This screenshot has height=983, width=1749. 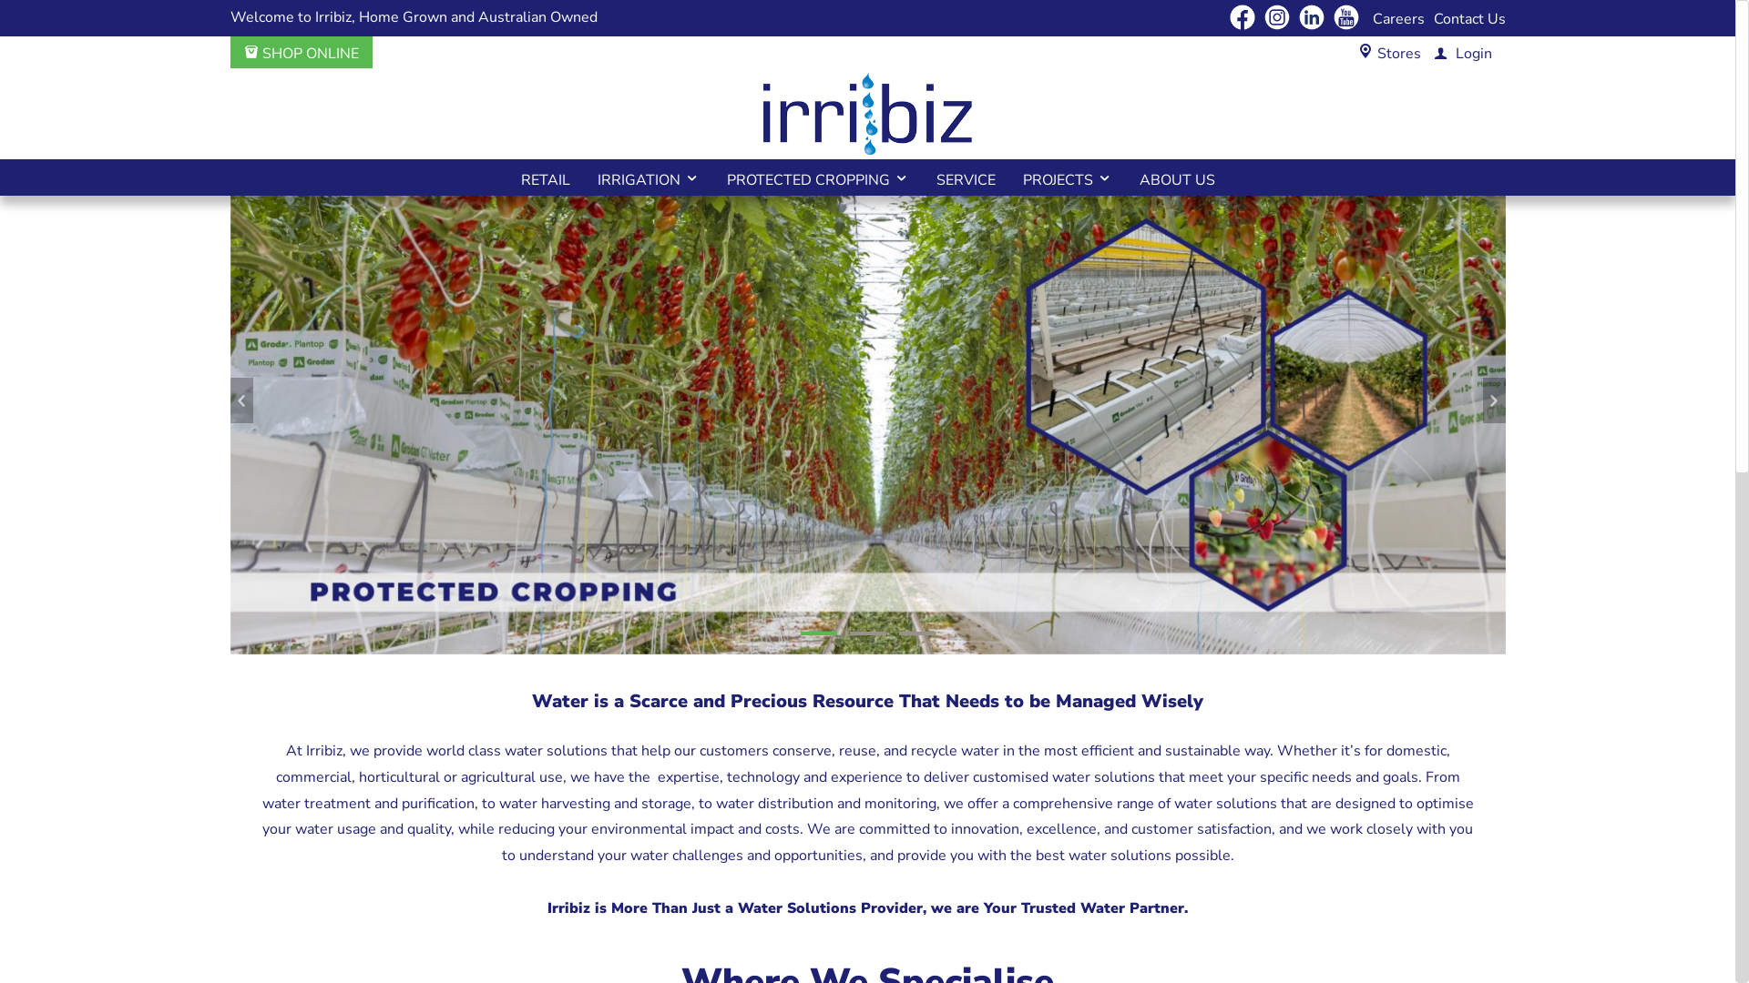 I want to click on 'ABOUT US', so click(x=1125, y=177).